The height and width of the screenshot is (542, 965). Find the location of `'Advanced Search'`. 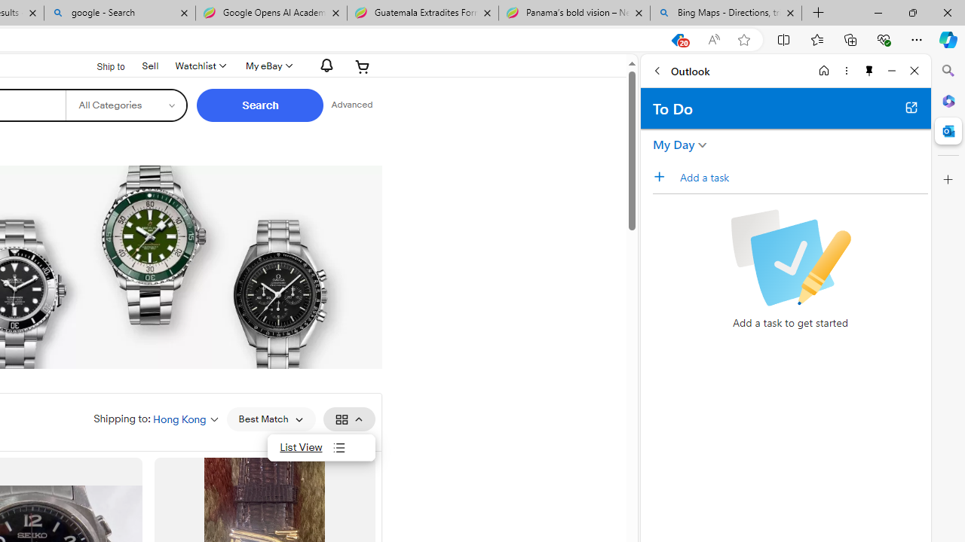

'Advanced Search' is located at coordinates (351, 105).